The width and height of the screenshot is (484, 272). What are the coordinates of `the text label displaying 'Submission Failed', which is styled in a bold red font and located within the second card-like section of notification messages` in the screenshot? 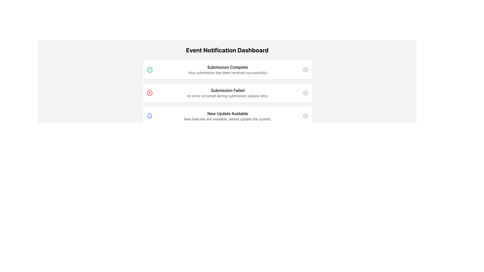 It's located at (227, 90).